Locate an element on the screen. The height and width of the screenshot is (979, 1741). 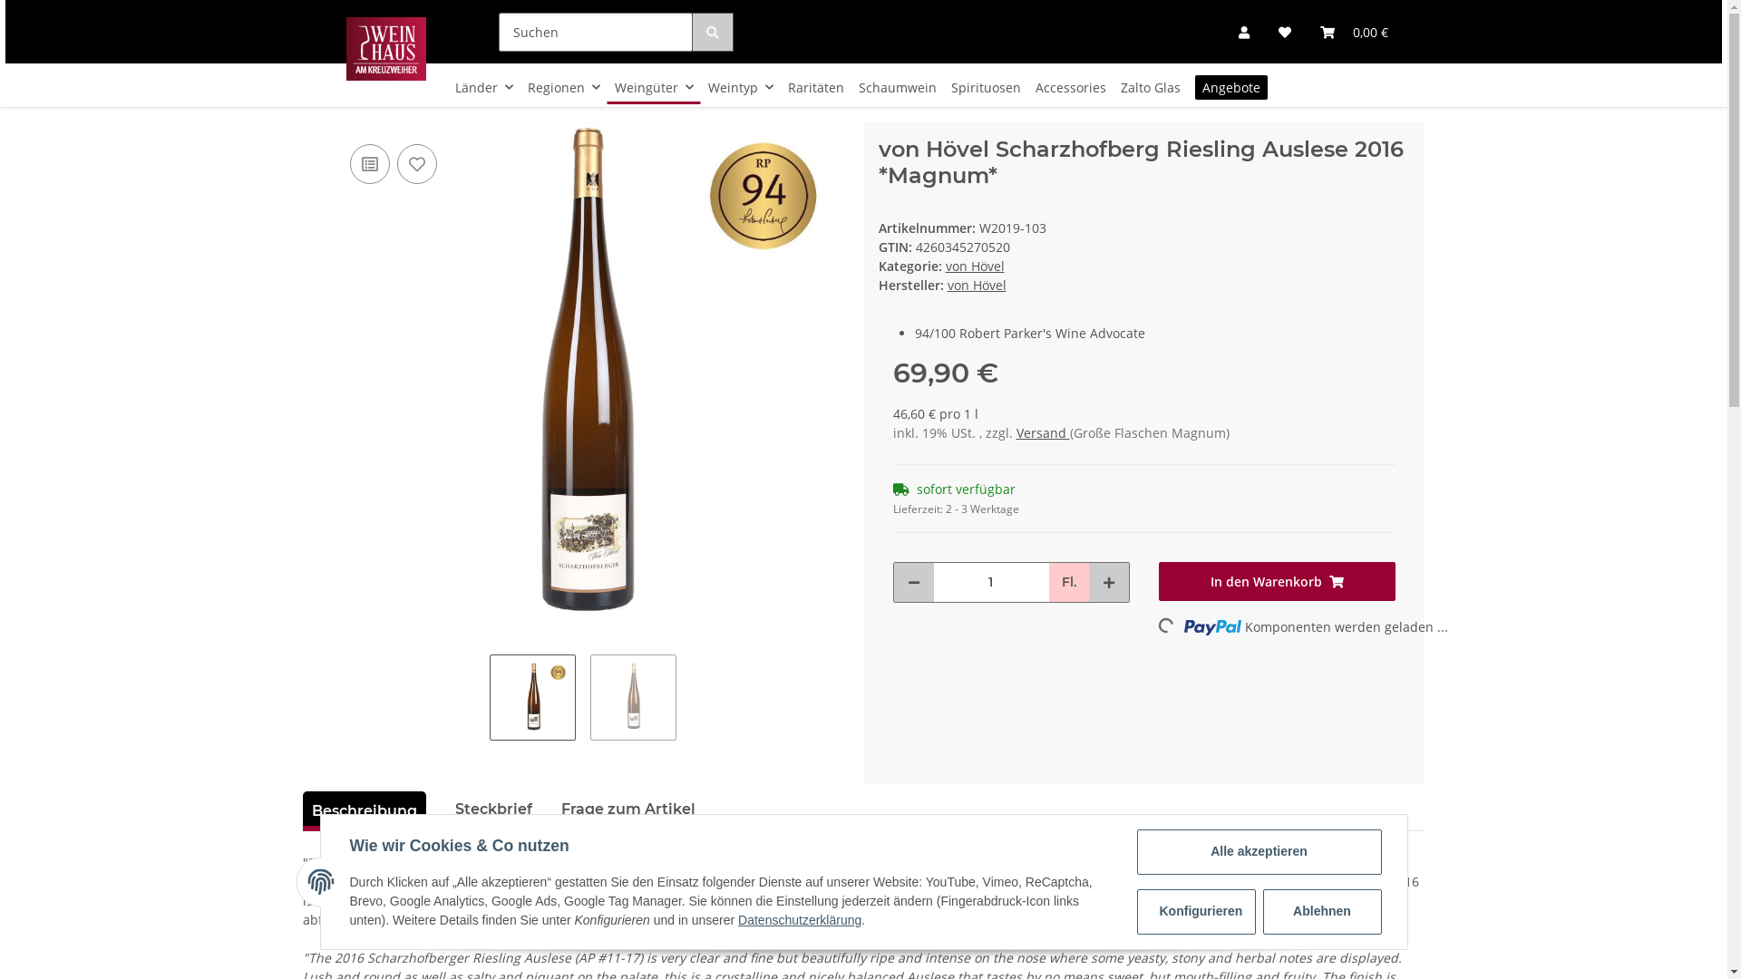
'Beschreibung' is located at coordinates (364, 809).